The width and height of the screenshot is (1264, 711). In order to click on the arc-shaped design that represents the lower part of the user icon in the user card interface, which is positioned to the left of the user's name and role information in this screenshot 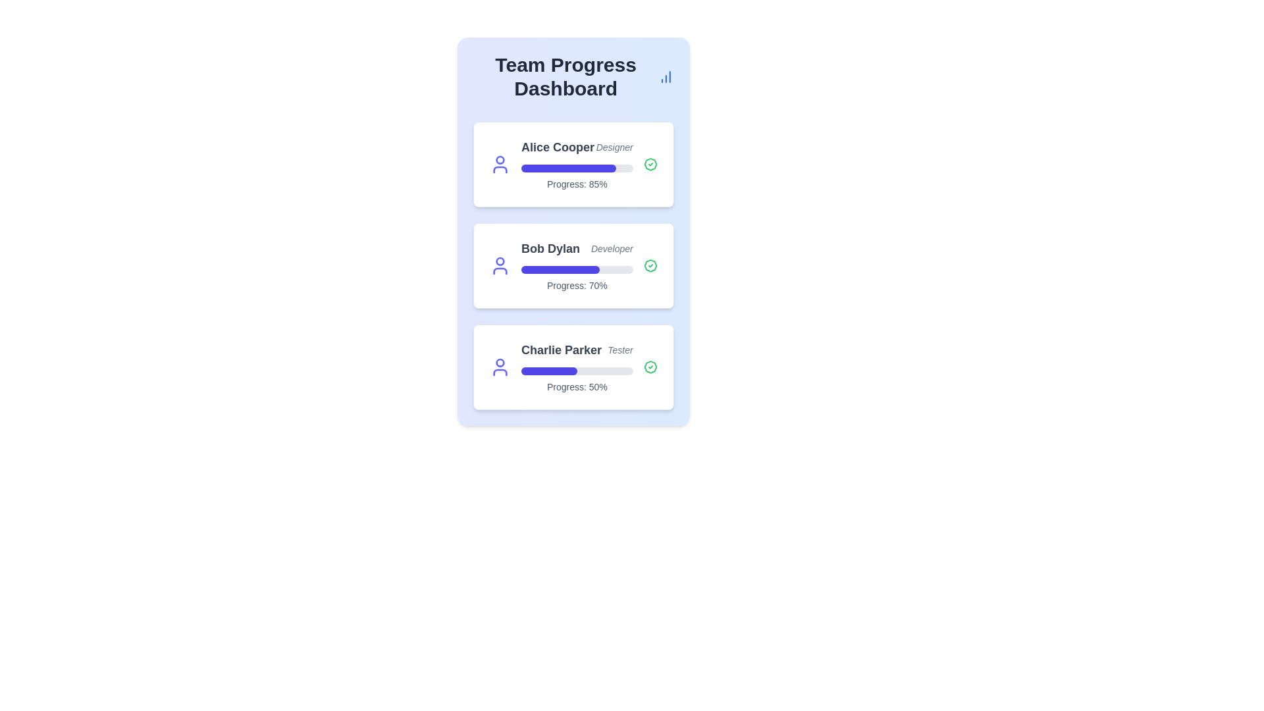, I will do `click(499, 271)`.